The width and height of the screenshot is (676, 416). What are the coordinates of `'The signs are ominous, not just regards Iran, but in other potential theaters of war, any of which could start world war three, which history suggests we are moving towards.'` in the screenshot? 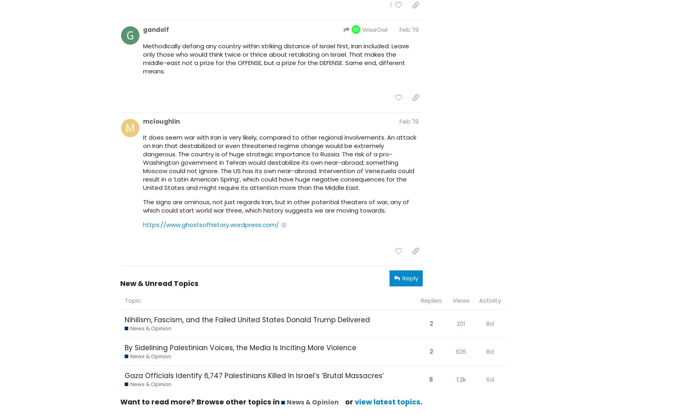 It's located at (276, 205).